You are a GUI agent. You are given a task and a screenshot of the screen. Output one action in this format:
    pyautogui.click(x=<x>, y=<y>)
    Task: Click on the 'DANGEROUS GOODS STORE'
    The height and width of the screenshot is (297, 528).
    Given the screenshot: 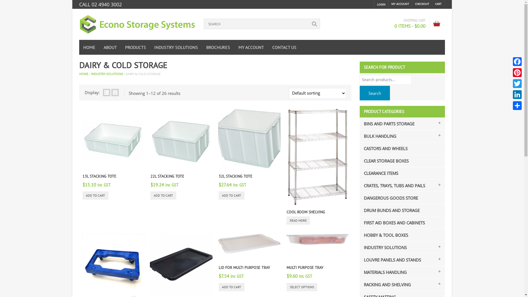 What is the action you would take?
    pyautogui.click(x=389, y=198)
    